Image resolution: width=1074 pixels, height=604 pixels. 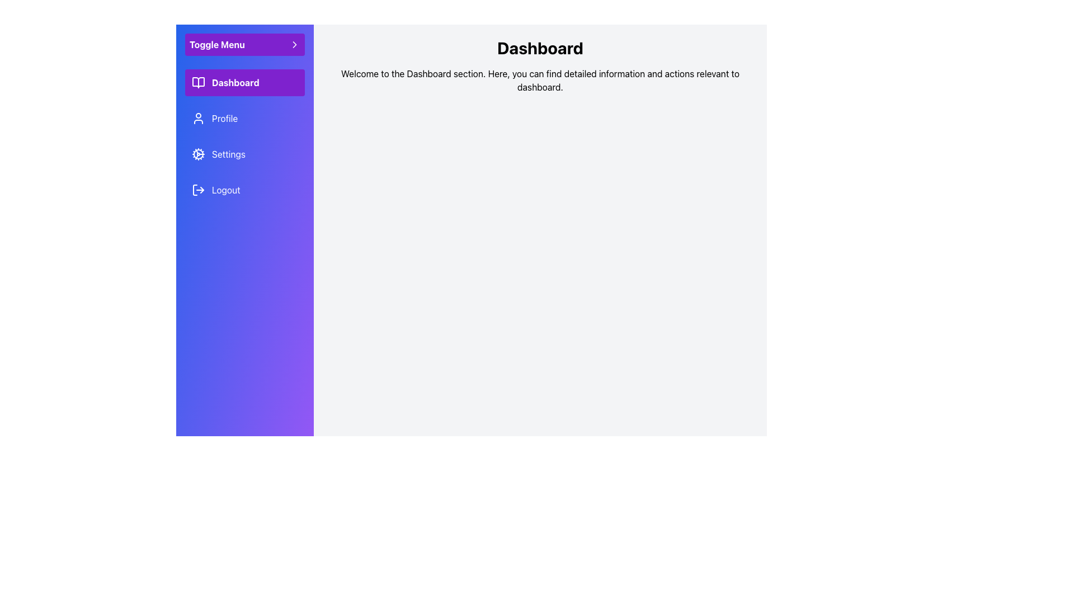 I want to click on the right-pointing chevron arrow icon located at the far right of the 'Toggle Menu' button to activate potential hover effects, so click(x=294, y=44).